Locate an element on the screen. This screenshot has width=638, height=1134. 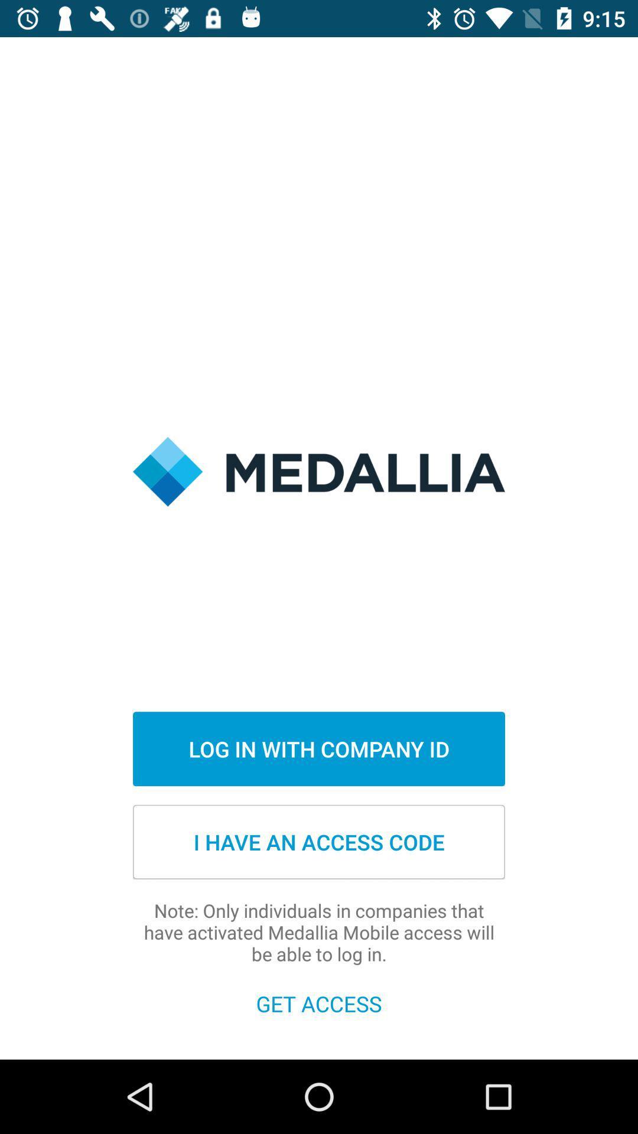
get access icon is located at coordinates (319, 1003).